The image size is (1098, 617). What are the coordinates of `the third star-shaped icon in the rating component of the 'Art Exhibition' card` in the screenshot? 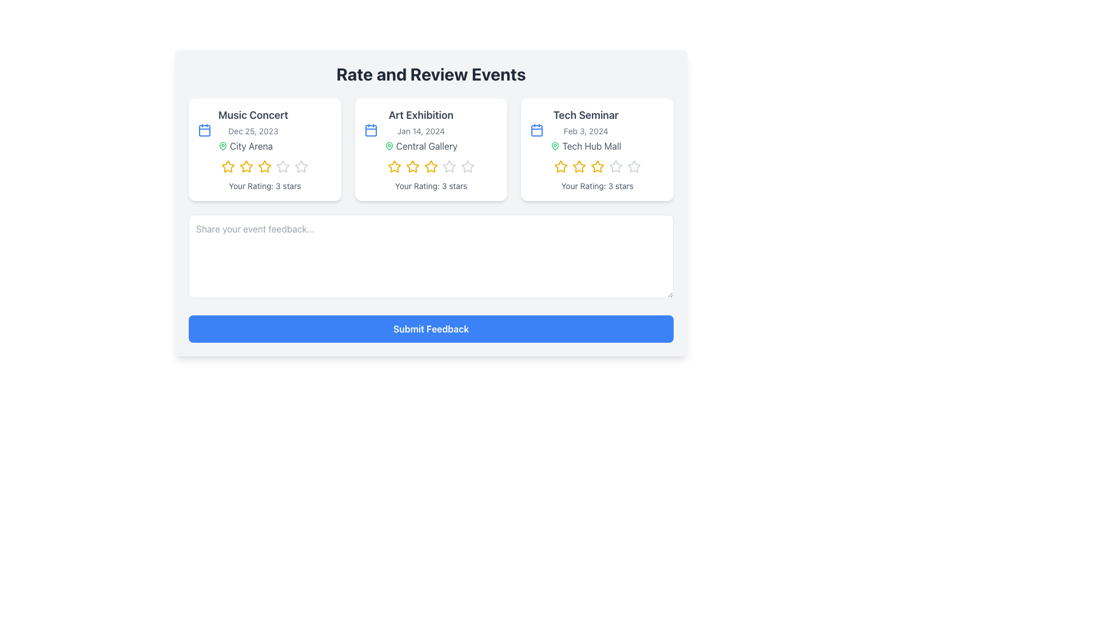 It's located at (449, 166).